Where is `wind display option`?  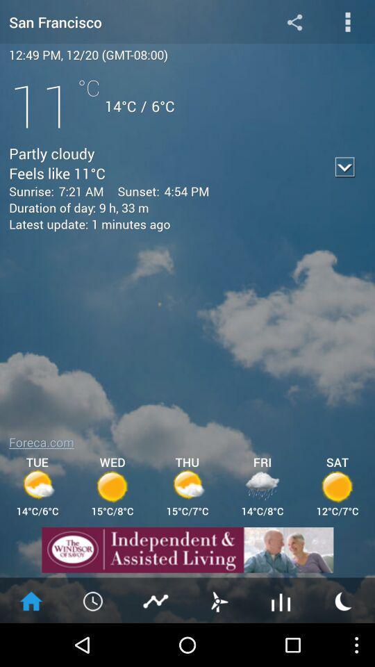 wind display option is located at coordinates (218, 600).